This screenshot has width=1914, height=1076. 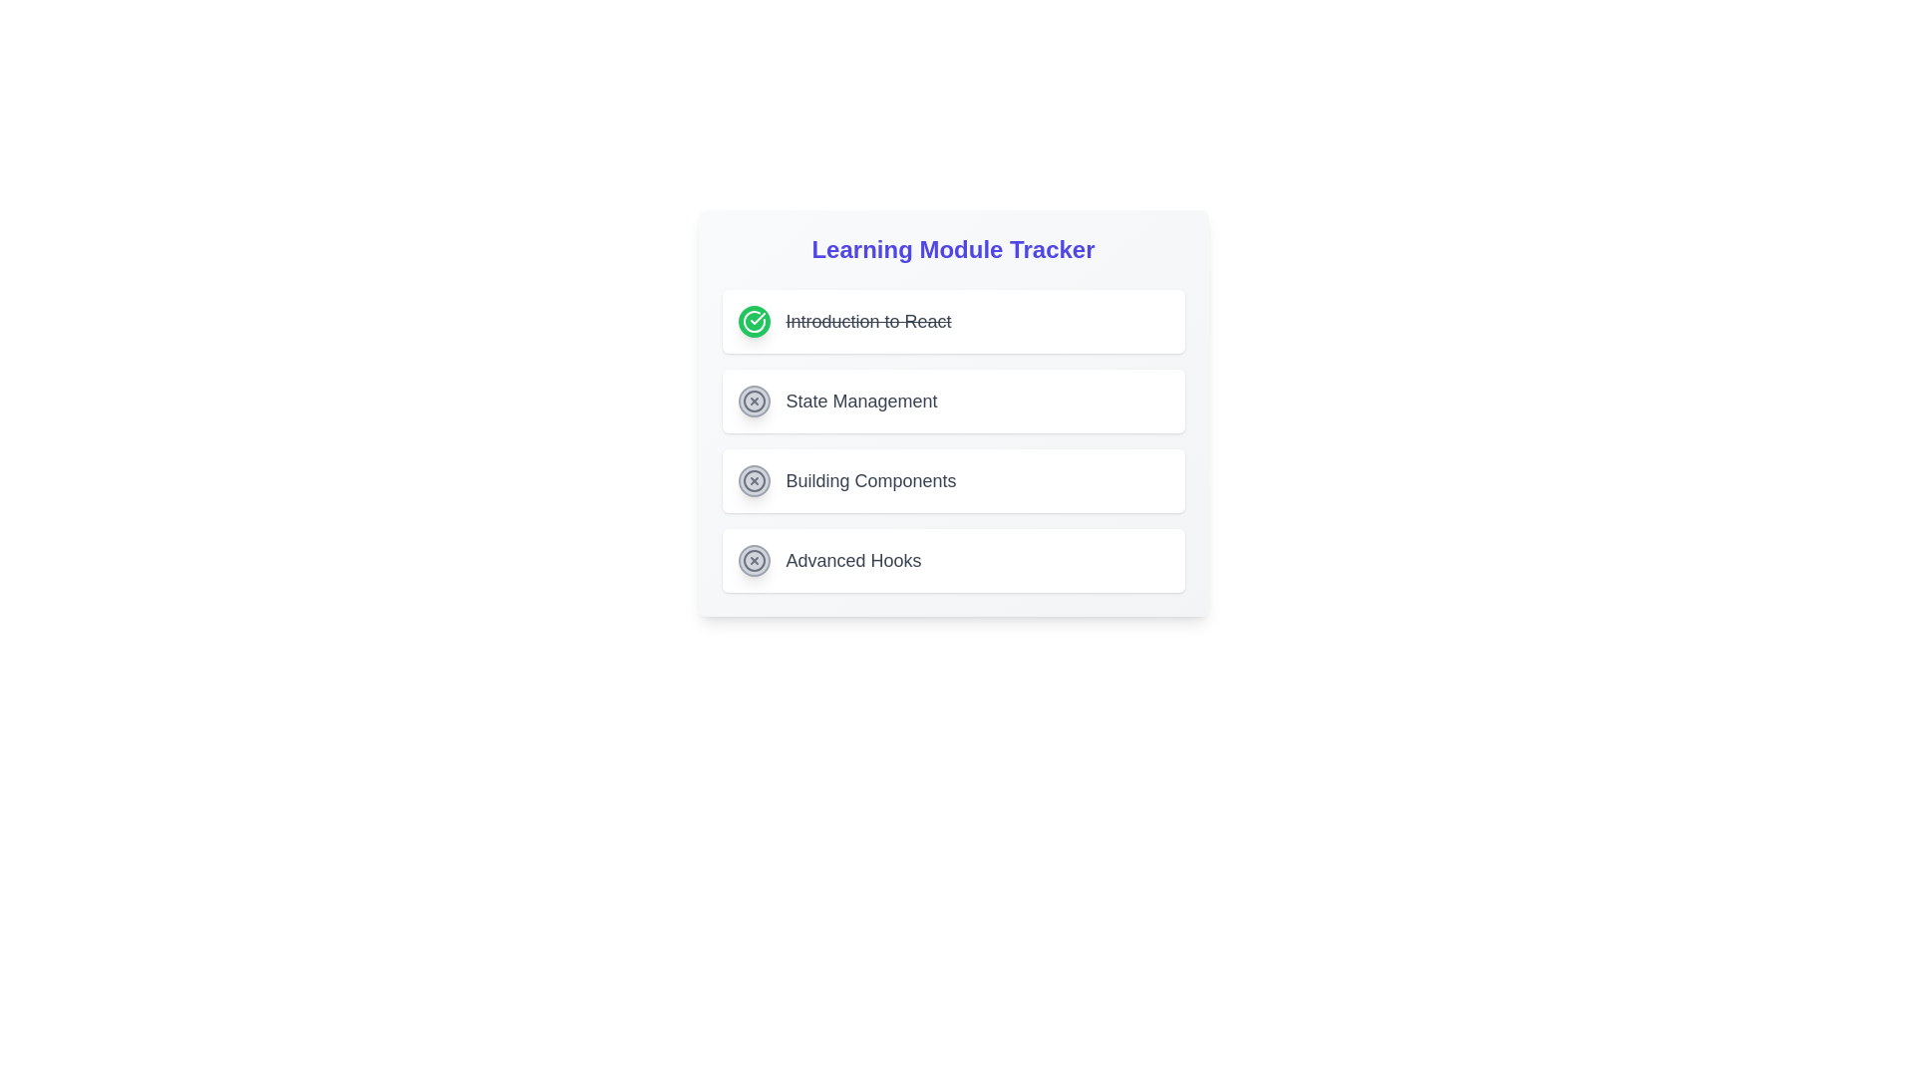 I want to click on label text 'Building Components' located towards the center-right region within a white card, adjacent to an icon on its left, so click(x=846, y=480).